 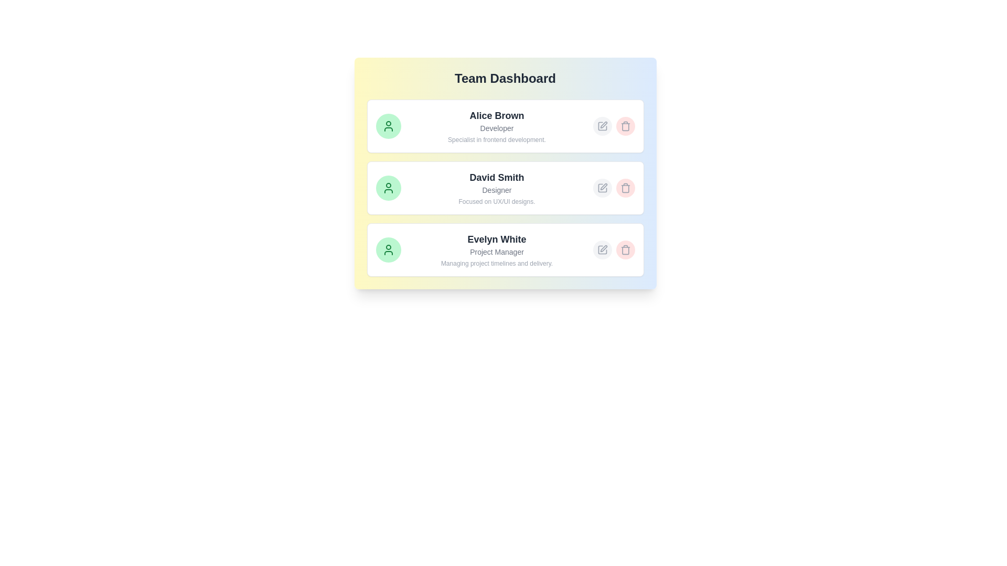 What do you see at coordinates (388, 125) in the screenshot?
I see `the profile icon, which is a green outlined user-shaped figure within a circular background, located to the left of the name 'Alice Brown' in the first team member card` at bounding box center [388, 125].